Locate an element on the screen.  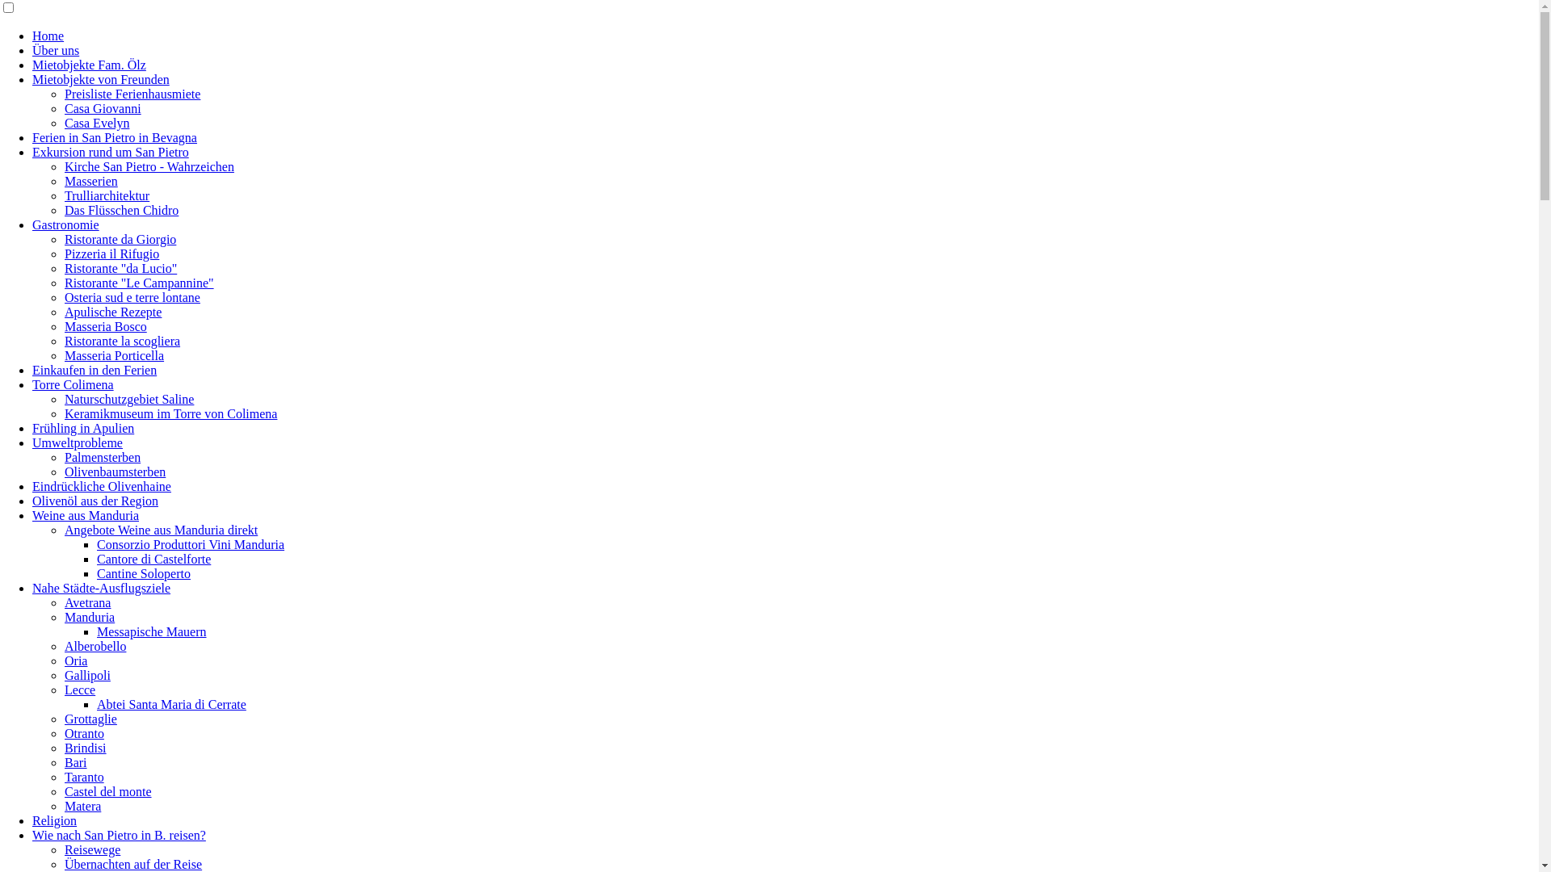
'Cantore di Castelforte' is located at coordinates (153, 558).